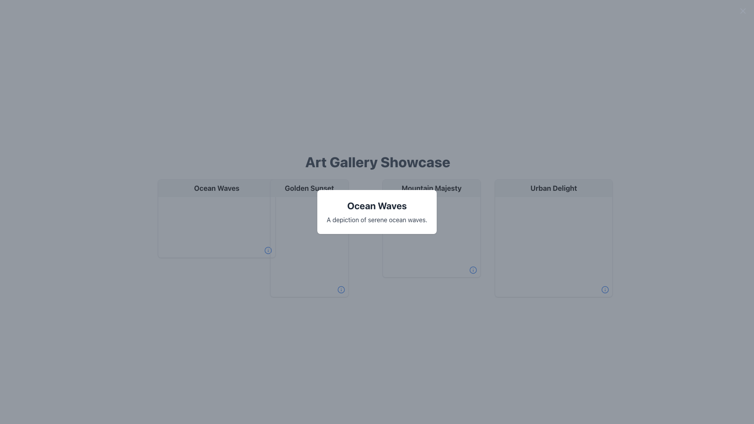 This screenshot has height=424, width=754. What do you see at coordinates (341, 289) in the screenshot?
I see `the circular icon boundary located at the bottom-right corner of the 'Golden Sunset' card, which features a thin stroke outline as part of a grouped icon` at bounding box center [341, 289].